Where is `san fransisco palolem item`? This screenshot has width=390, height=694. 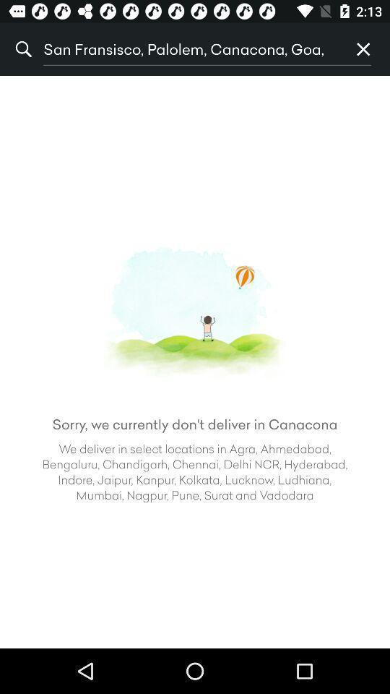
san fransisco palolem item is located at coordinates (190, 49).